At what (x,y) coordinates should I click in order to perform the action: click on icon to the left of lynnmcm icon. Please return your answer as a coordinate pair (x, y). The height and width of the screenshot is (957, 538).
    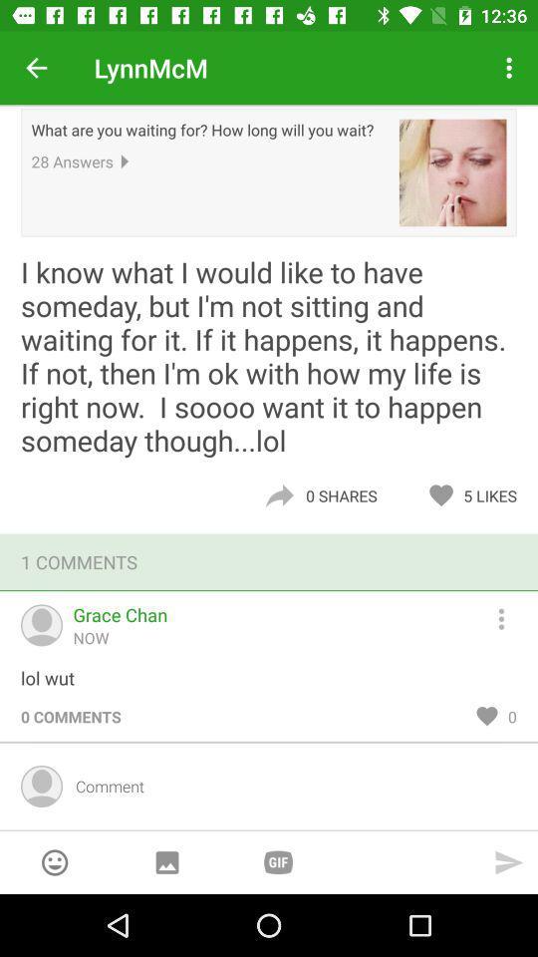
    Looking at the image, I should click on (36, 68).